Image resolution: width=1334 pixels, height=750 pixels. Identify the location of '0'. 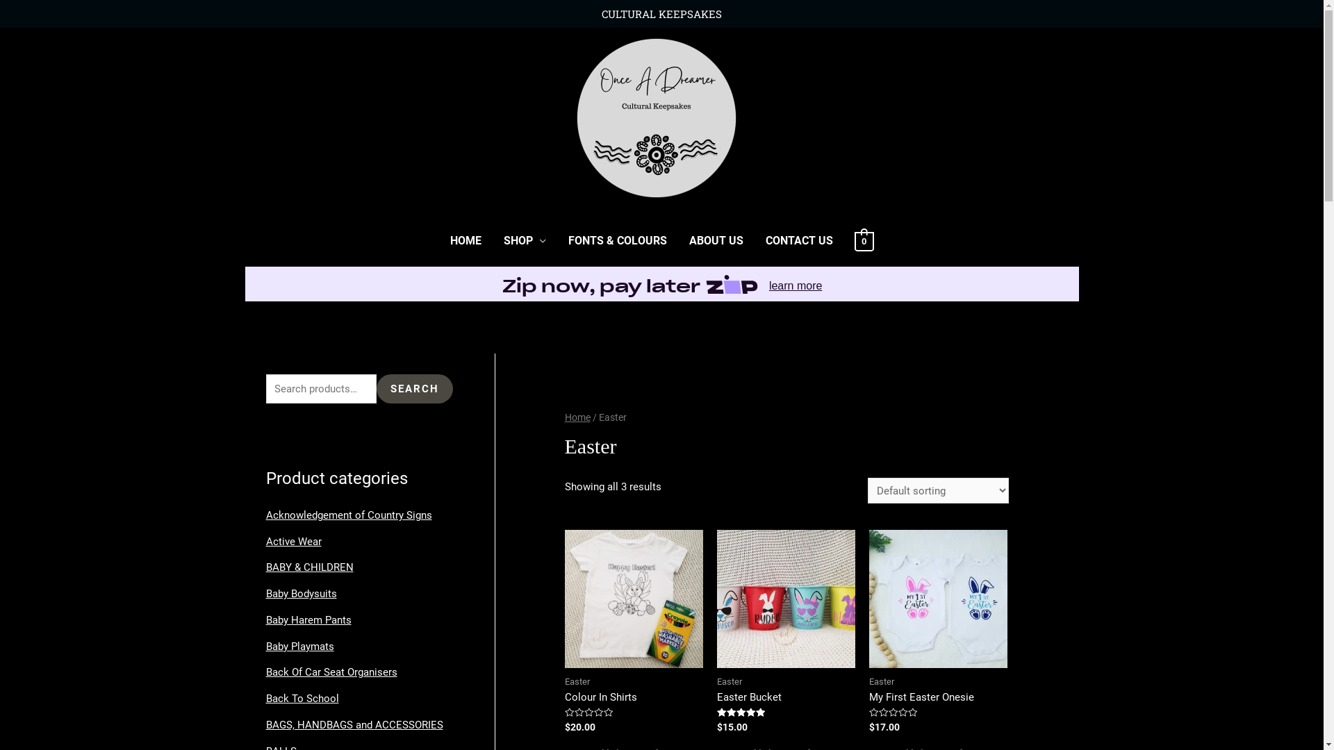
(863, 240).